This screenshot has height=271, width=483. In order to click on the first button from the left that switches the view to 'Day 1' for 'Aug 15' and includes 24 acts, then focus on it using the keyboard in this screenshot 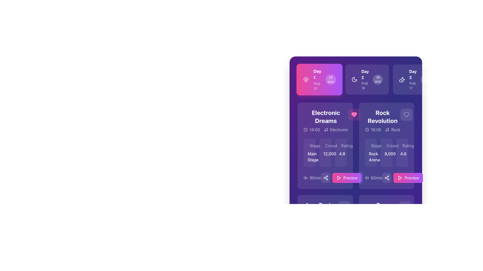, I will do `click(319, 79)`.